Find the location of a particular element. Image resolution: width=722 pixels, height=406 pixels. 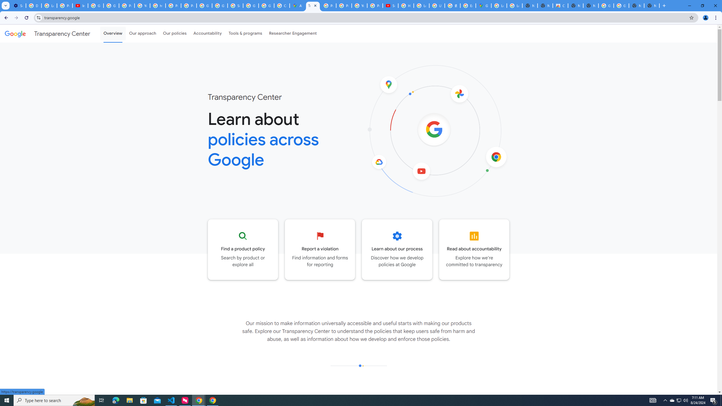

'Settings - Performance' is located at coordinates (18, 5).